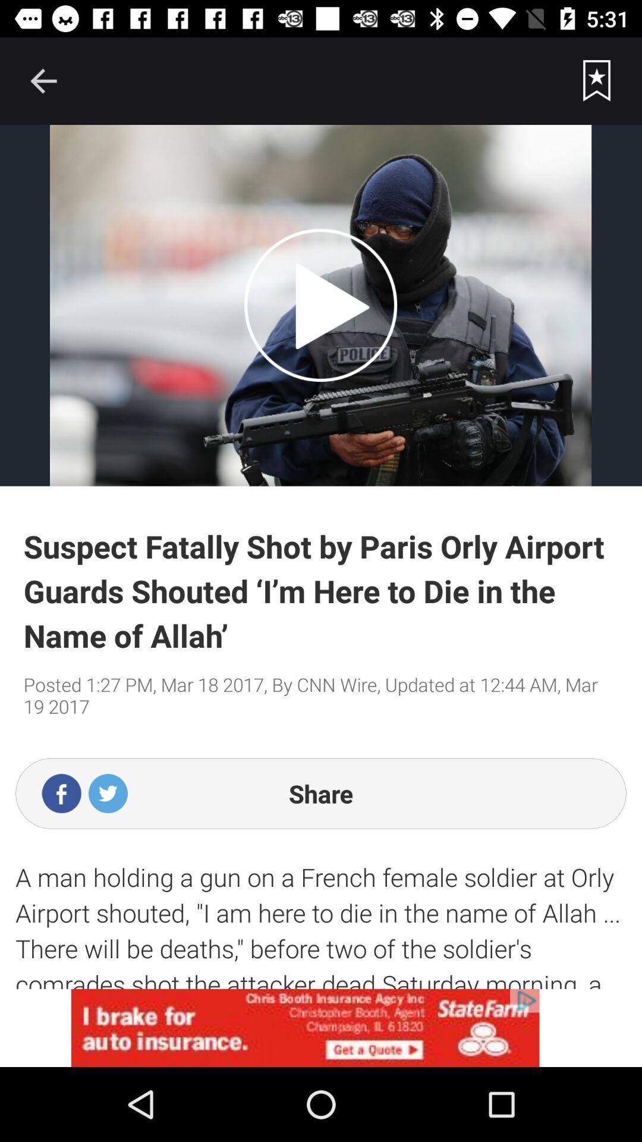 This screenshot has height=1142, width=642. Describe the element at coordinates (43, 80) in the screenshot. I see `the arrow_backward icon` at that location.